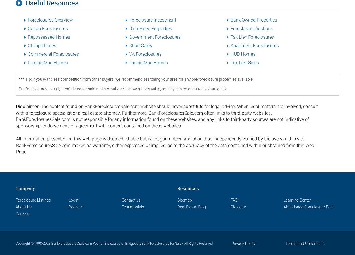 Image resolution: width=355 pixels, height=255 pixels. I want to click on 'Commercial Foreclosures', so click(53, 54).